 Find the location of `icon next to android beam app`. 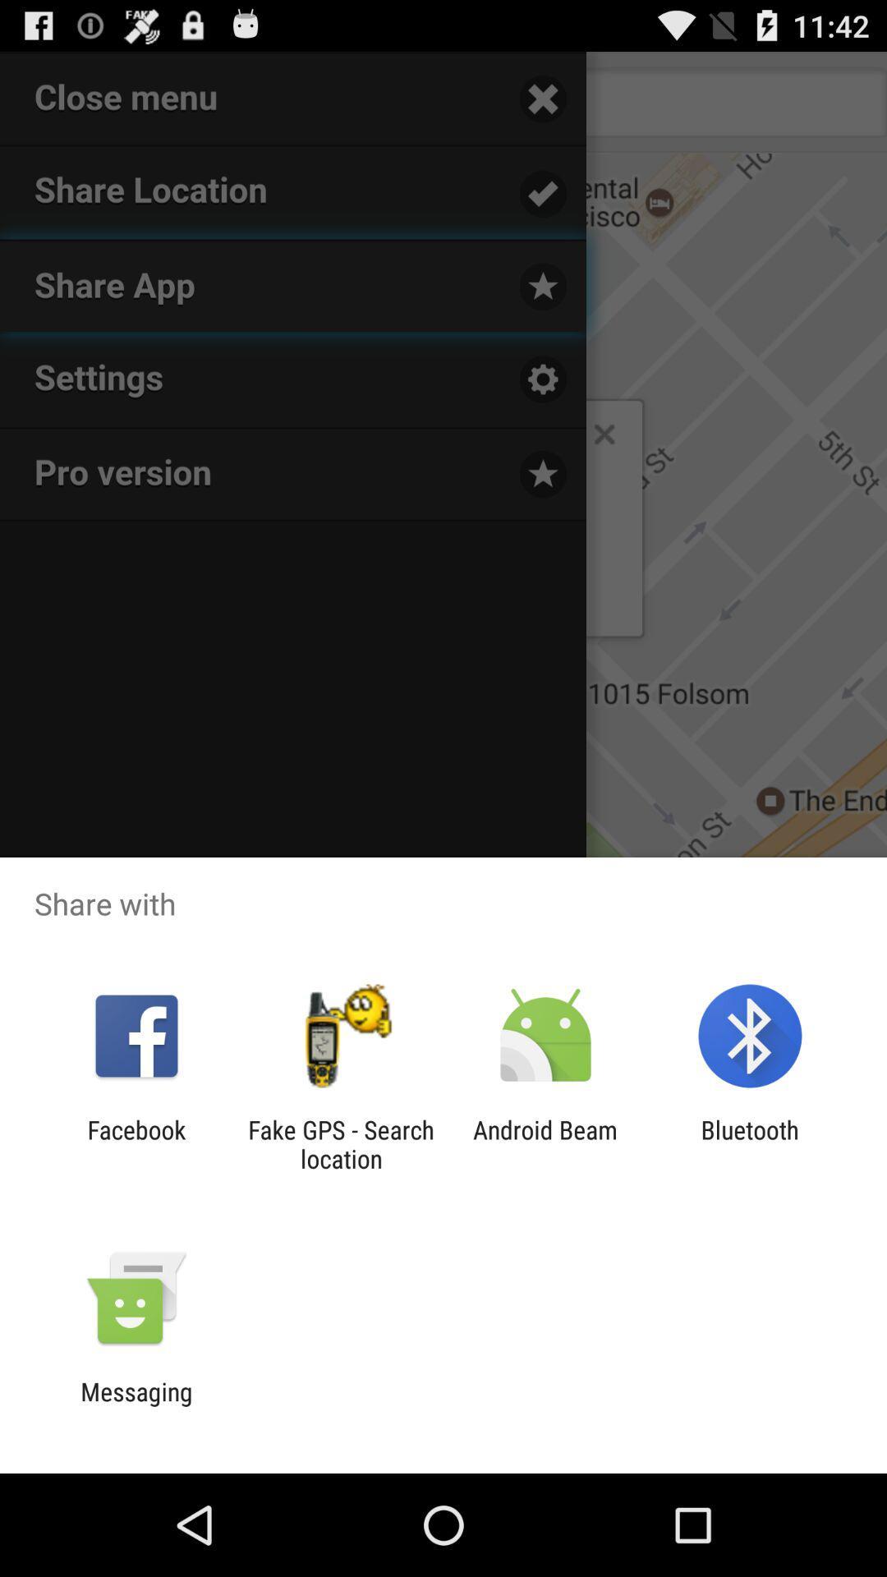

icon next to android beam app is located at coordinates (750, 1143).